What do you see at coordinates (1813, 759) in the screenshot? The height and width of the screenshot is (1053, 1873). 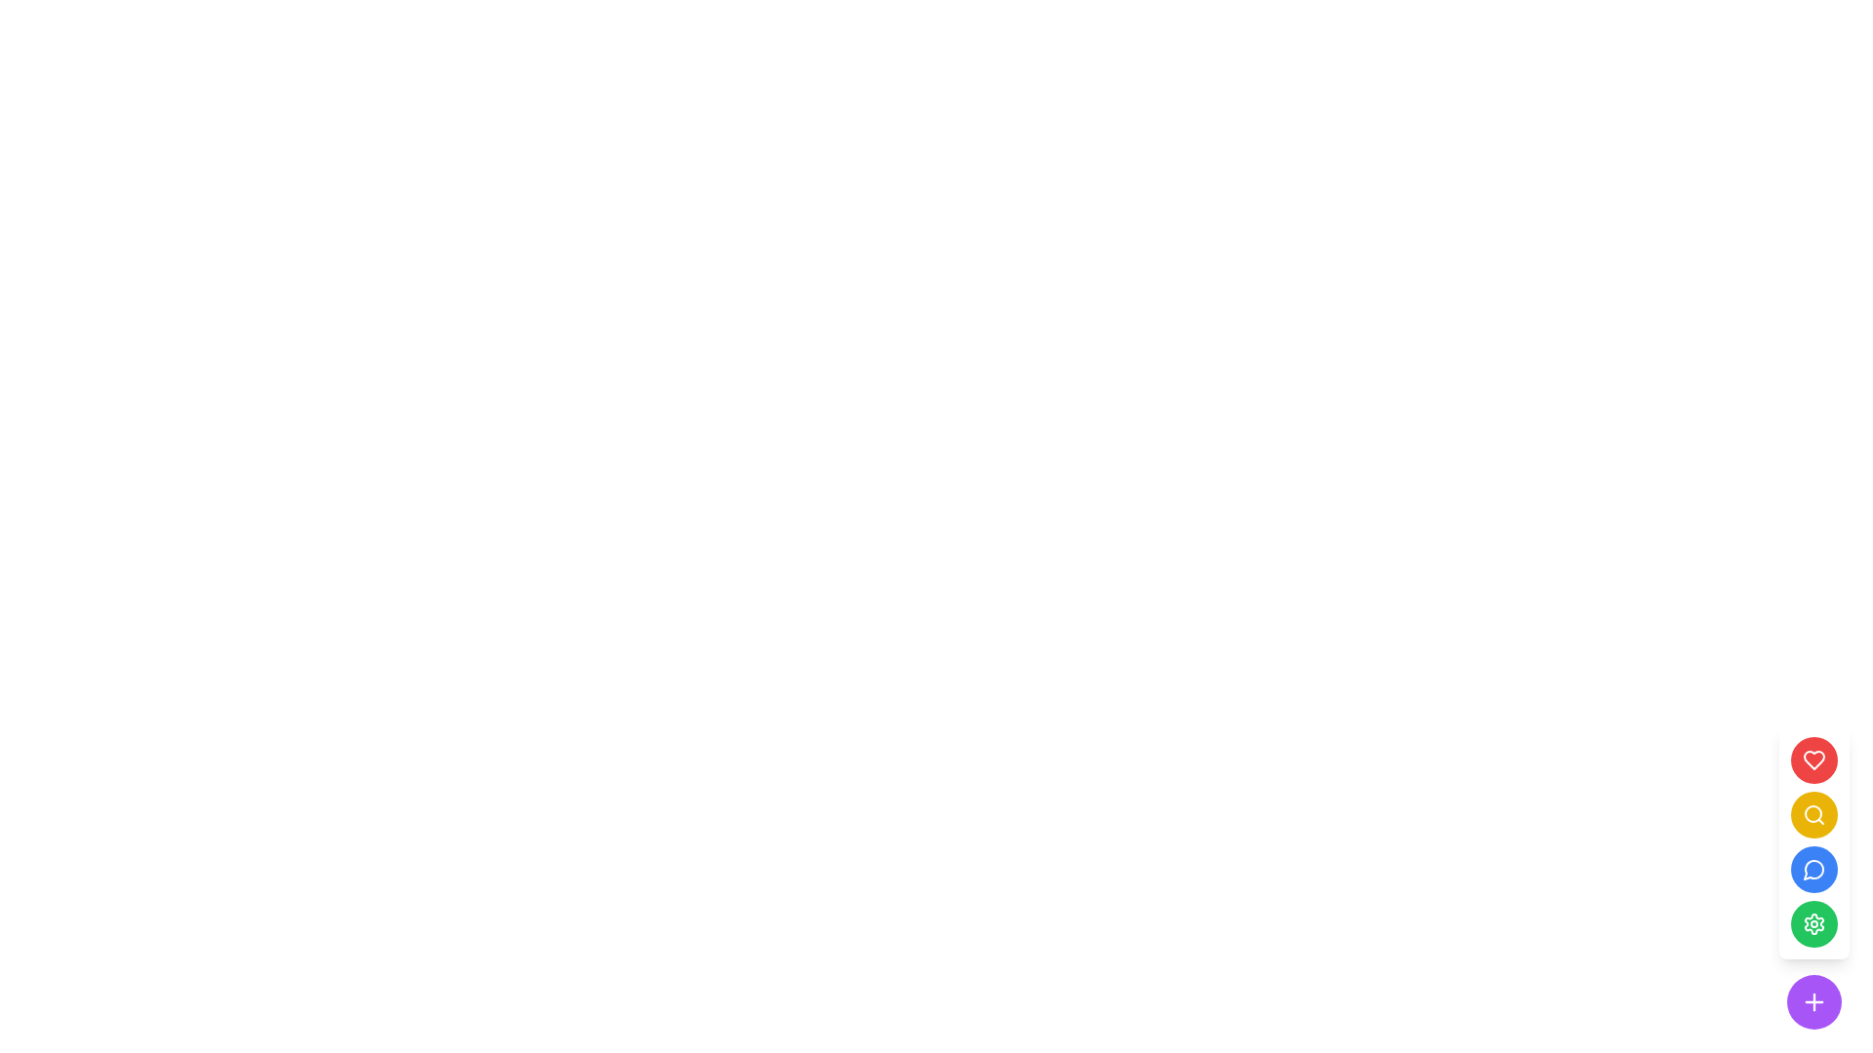 I see `the like button located at the top of the vertical stack of circular buttons near the right edge of the interface` at bounding box center [1813, 759].